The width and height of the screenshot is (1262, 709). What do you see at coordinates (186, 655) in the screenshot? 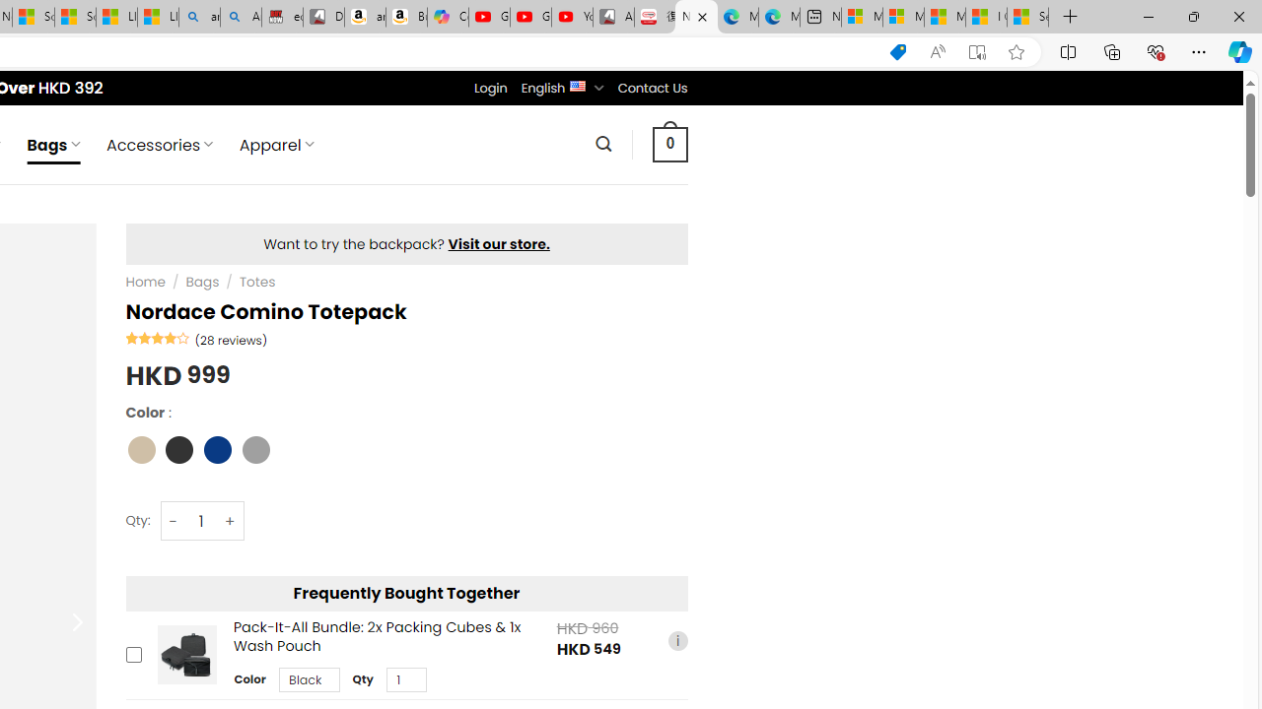
I see `'Pack-It-All Bundle: 2x Packing Cubes & 1x Wash Pouch'` at bounding box center [186, 655].